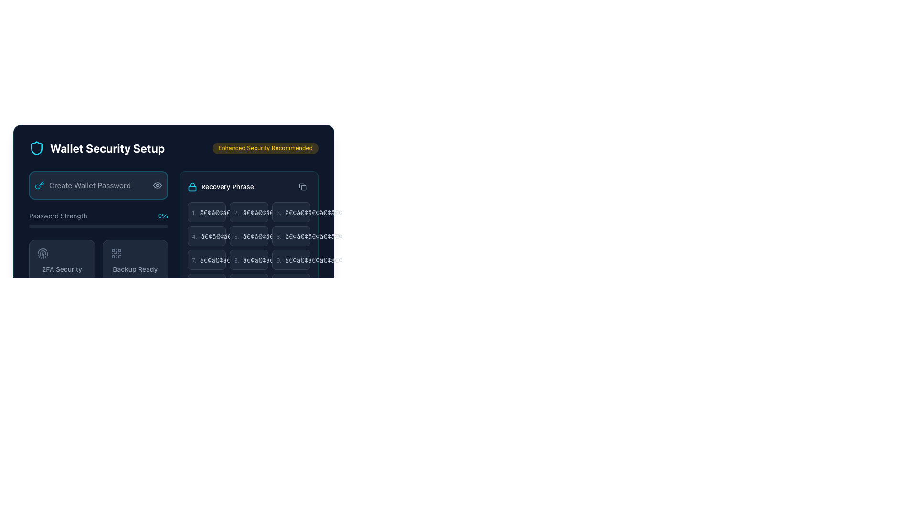  What do you see at coordinates (116, 253) in the screenshot?
I see `the security icon located in the bottom right quadrant of the 'Backup Ready' panel` at bounding box center [116, 253].